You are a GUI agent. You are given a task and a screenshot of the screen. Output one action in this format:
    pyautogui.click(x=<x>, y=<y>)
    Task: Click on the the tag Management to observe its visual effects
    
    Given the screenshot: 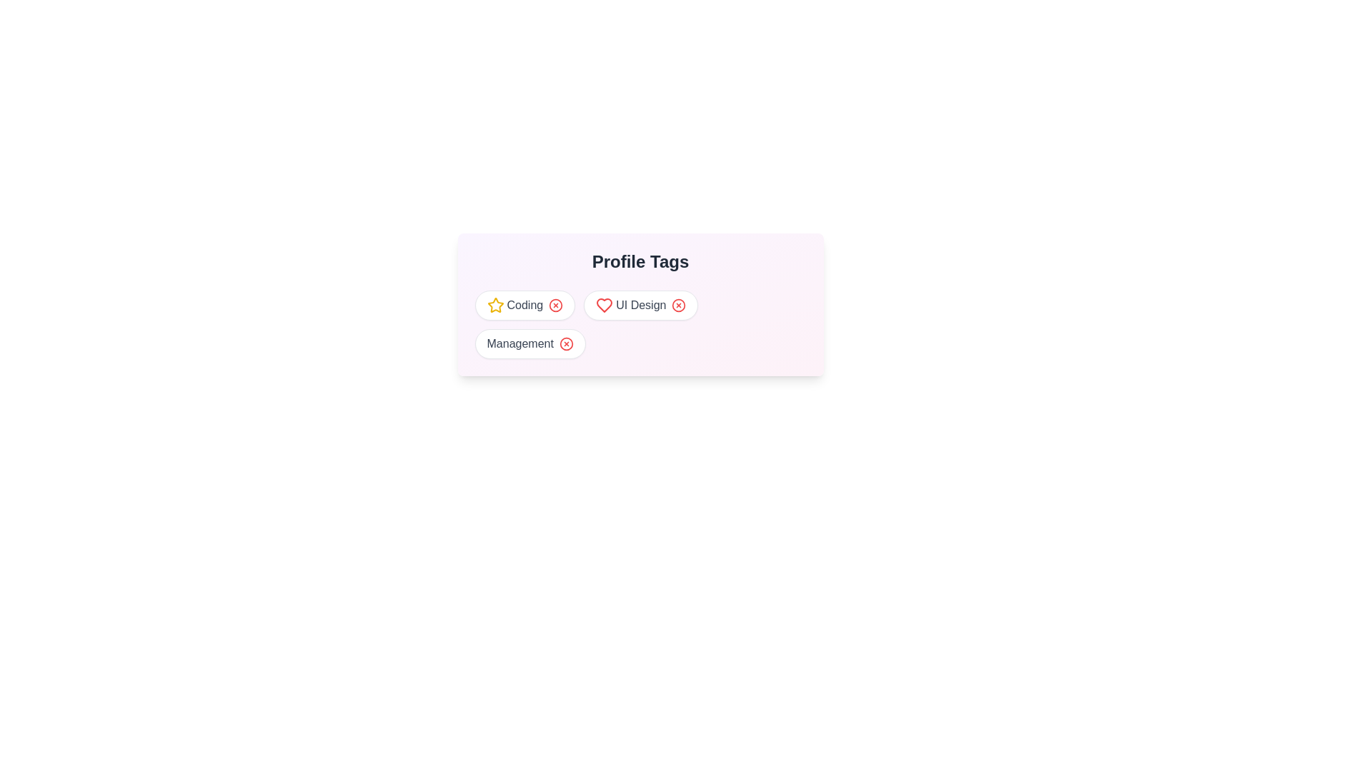 What is the action you would take?
    pyautogui.click(x=530, y=344)
    